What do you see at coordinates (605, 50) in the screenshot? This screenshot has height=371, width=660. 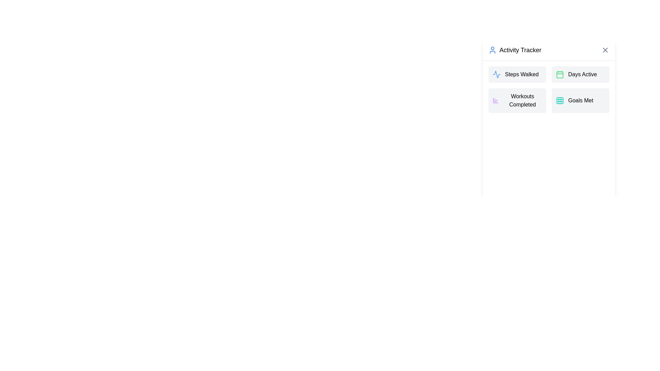 I see `the close icon located in the top-right corner of the 'Activity Tracker' panel` at bounding box center [605, 50].